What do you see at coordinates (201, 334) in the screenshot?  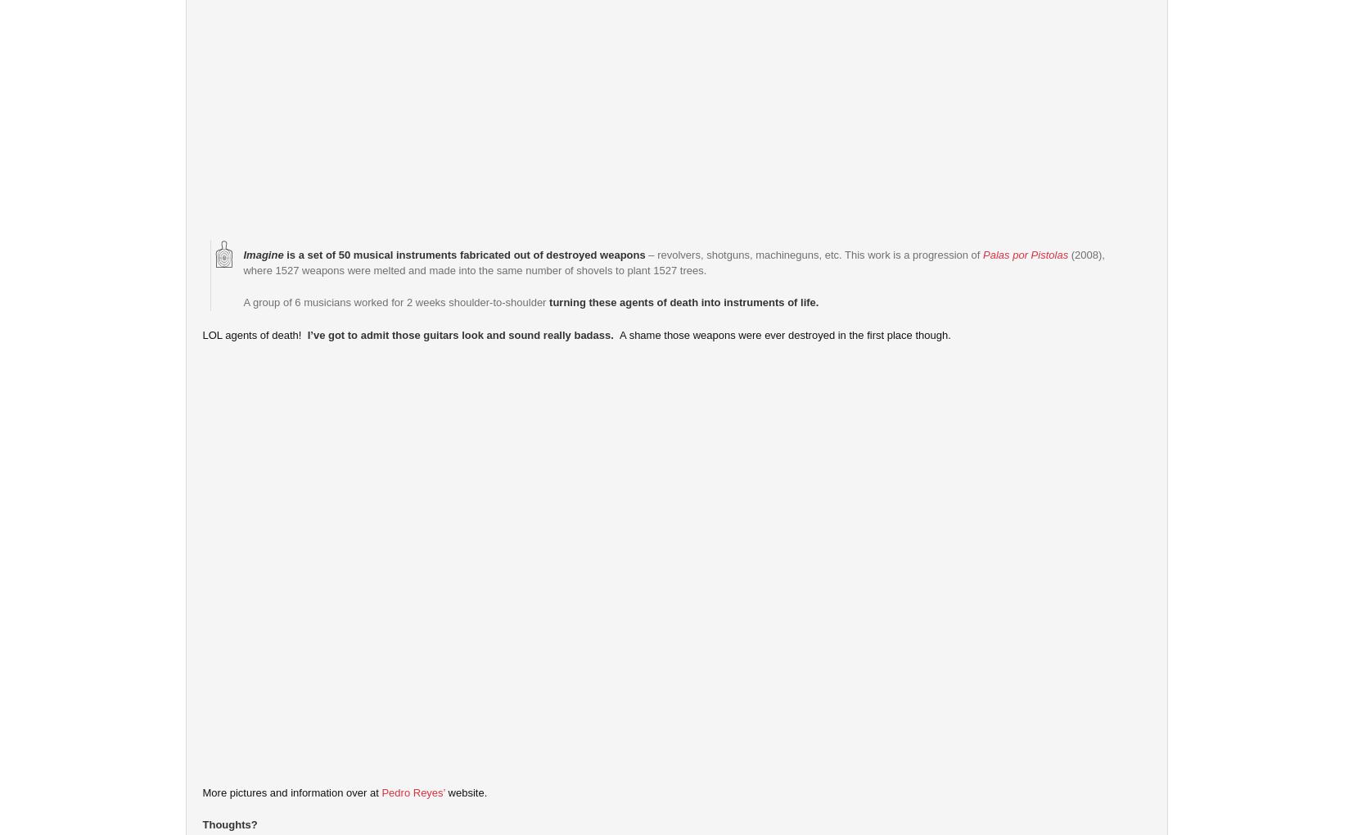 I see `'LOL agents of death!'` at bounding box center [201, 334].